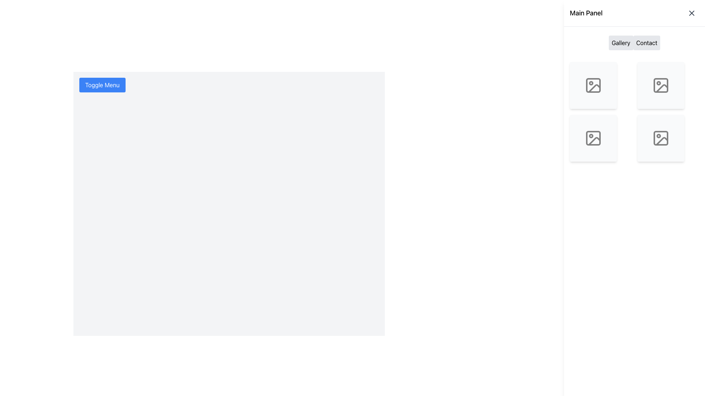 Image resolution: width=705 pixels, height=396 pixels. What do you see at coordinates (661, 85) in the screenshot?
I see `the icon element resembling an image symbol, located in the second column of the top row within a 2x2 grid in the 'Main Panel'` at bounding box center [661, 85].